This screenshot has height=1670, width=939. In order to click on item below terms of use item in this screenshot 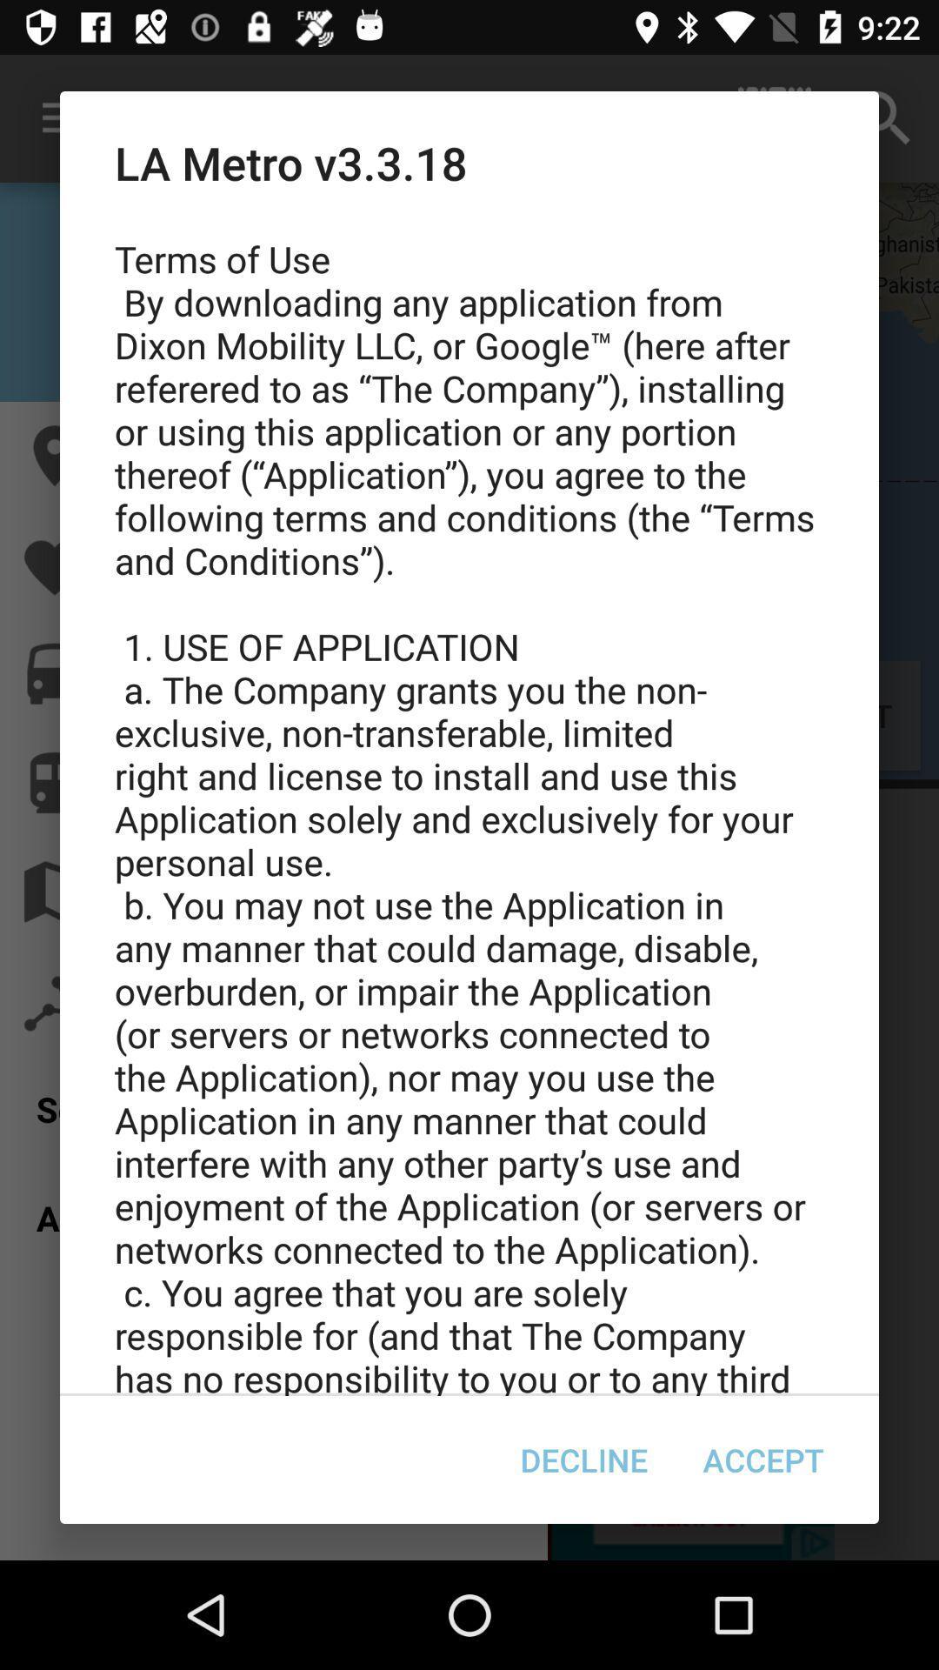, I will do `click(763, 1460)`.